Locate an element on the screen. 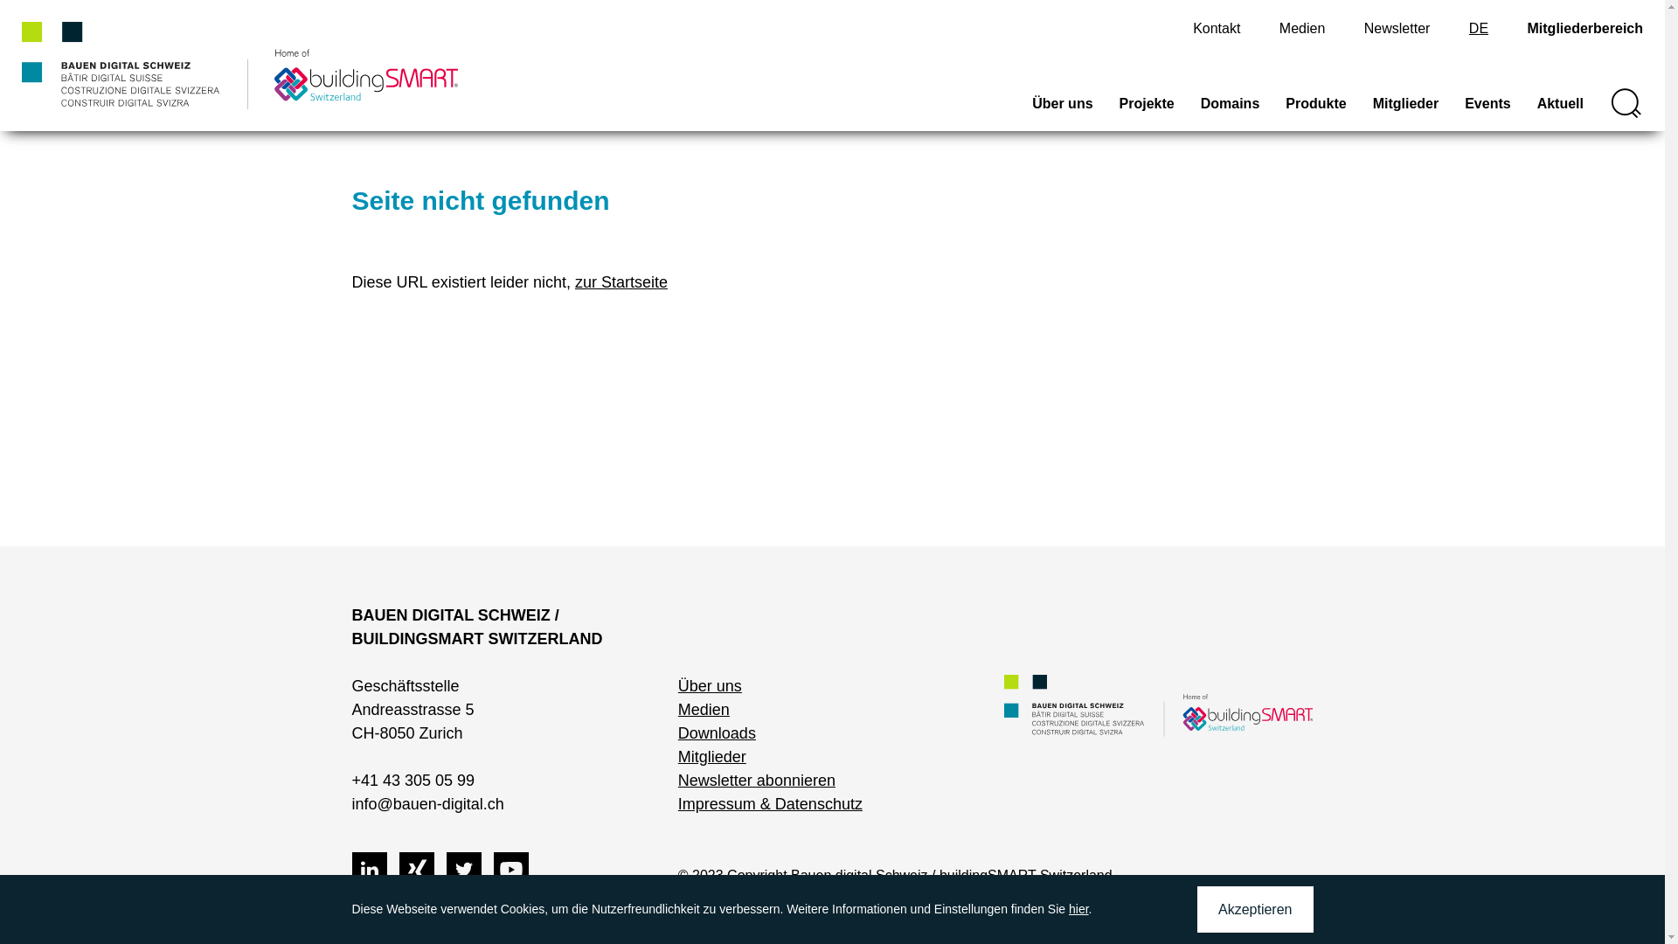 This screenshot has width=1678, height=944. 'Impressum & Datenschutz' is located at coordinates (769, 804).